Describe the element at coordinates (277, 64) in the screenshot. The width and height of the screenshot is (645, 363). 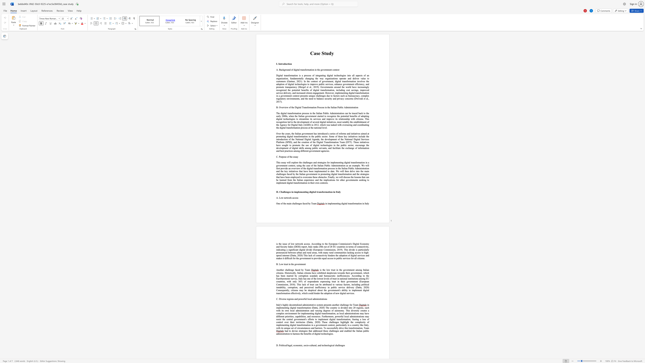
I see `the 1th character "." in the text` at that location.